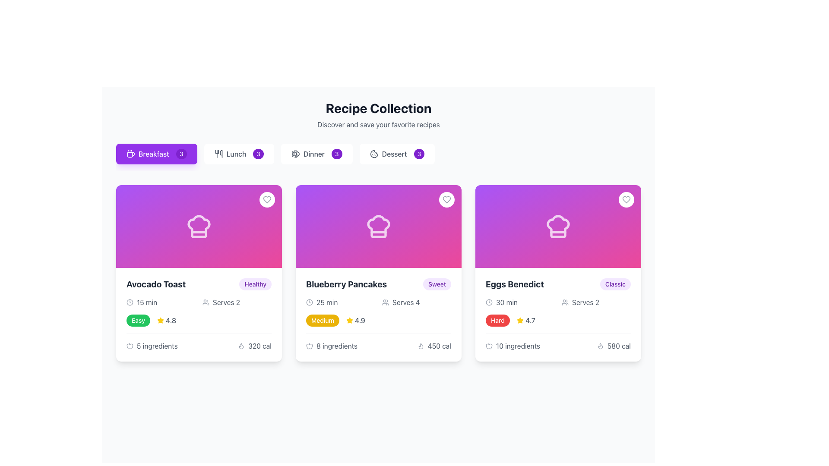  What do you see at coordinates (156, 154) in the screenshot?
I see `the 'Breakfast' button, which has a purple background, rounded corners, and white text, to filter recipes to 'Breakfast'` at bounding box center [156, 154].